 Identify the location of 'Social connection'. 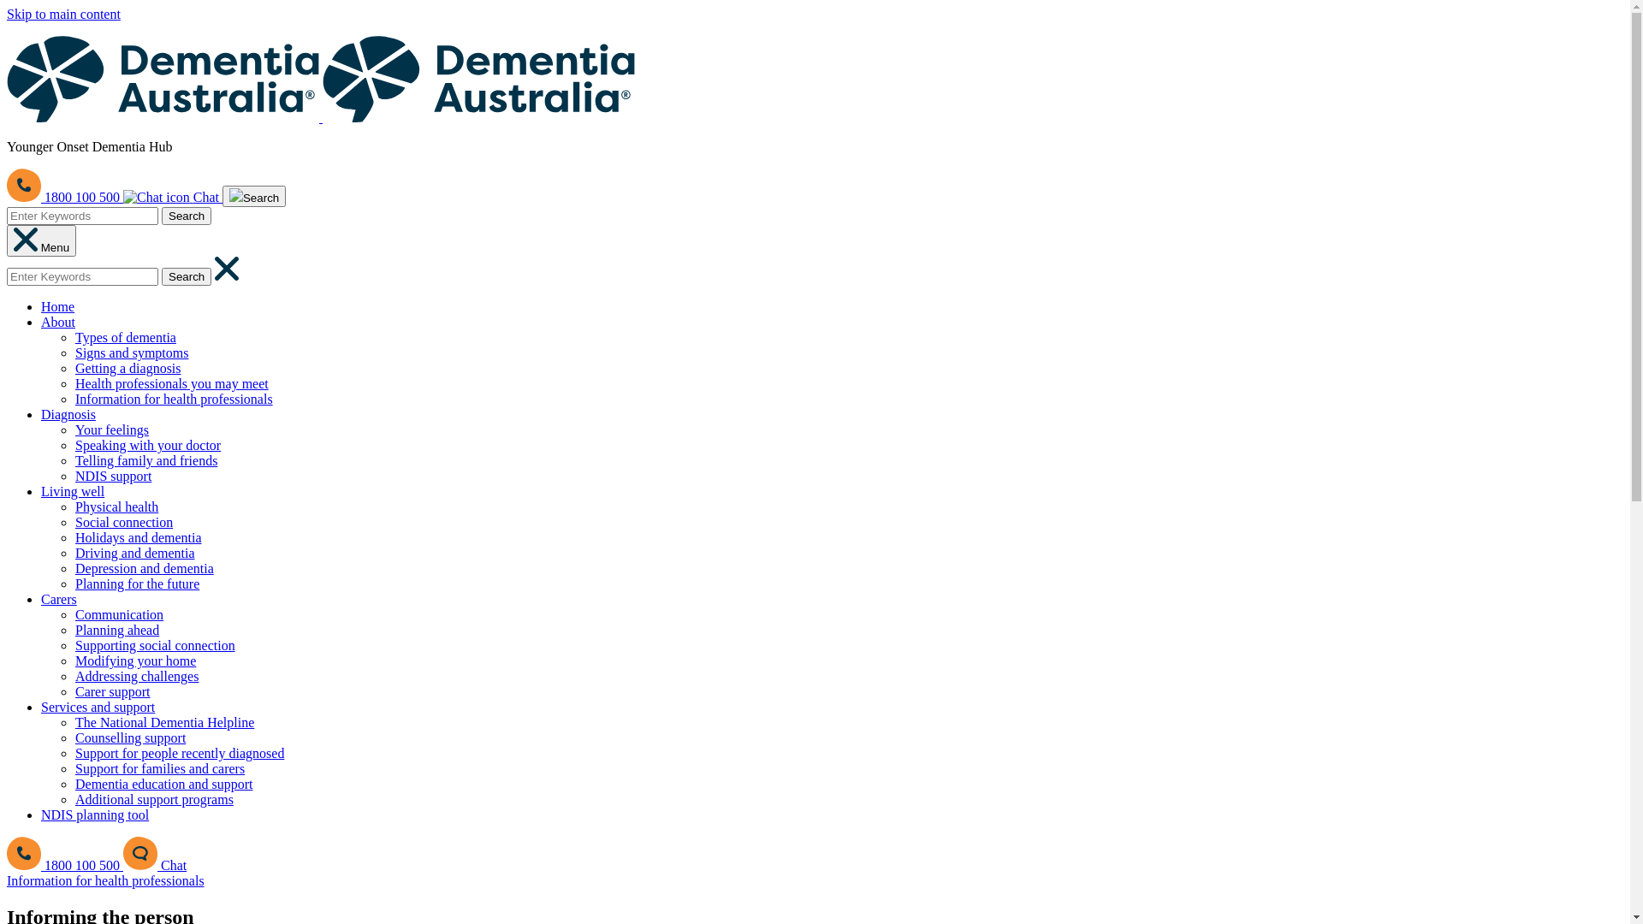
(74, 521).